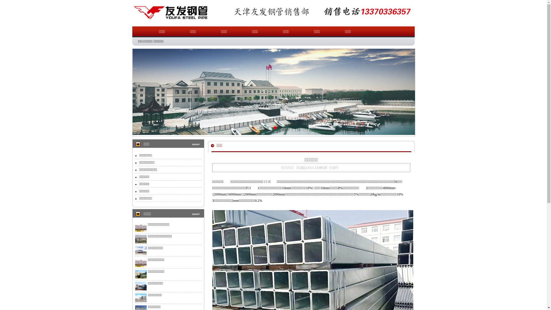 Image resolution: width=551 pixels, height=310 pixels. Describe the element at coordinates (196, 144) in the screenshot. I see `'more+'` at that location.